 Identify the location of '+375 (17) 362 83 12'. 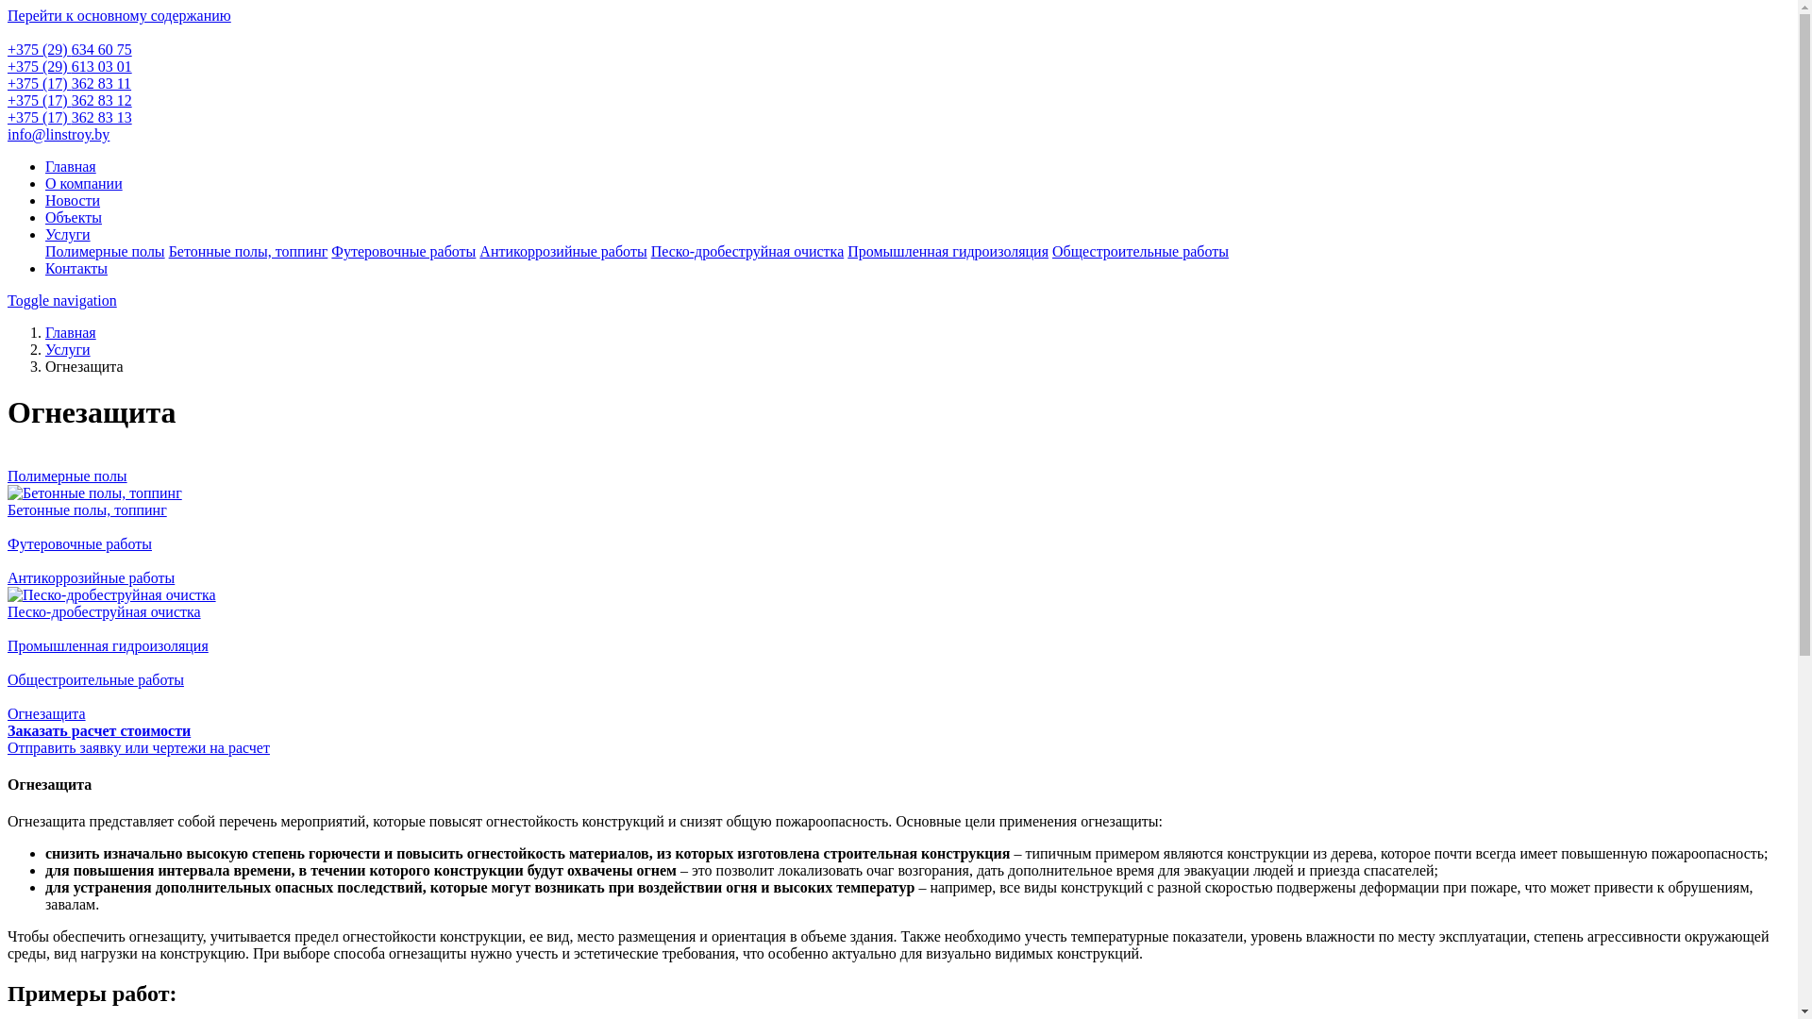
(69, 100).